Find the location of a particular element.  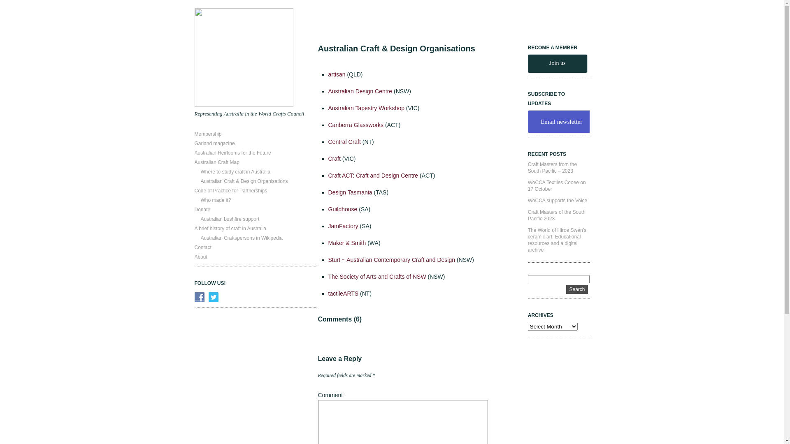

'Craft' is located at coordinates (334, 158).